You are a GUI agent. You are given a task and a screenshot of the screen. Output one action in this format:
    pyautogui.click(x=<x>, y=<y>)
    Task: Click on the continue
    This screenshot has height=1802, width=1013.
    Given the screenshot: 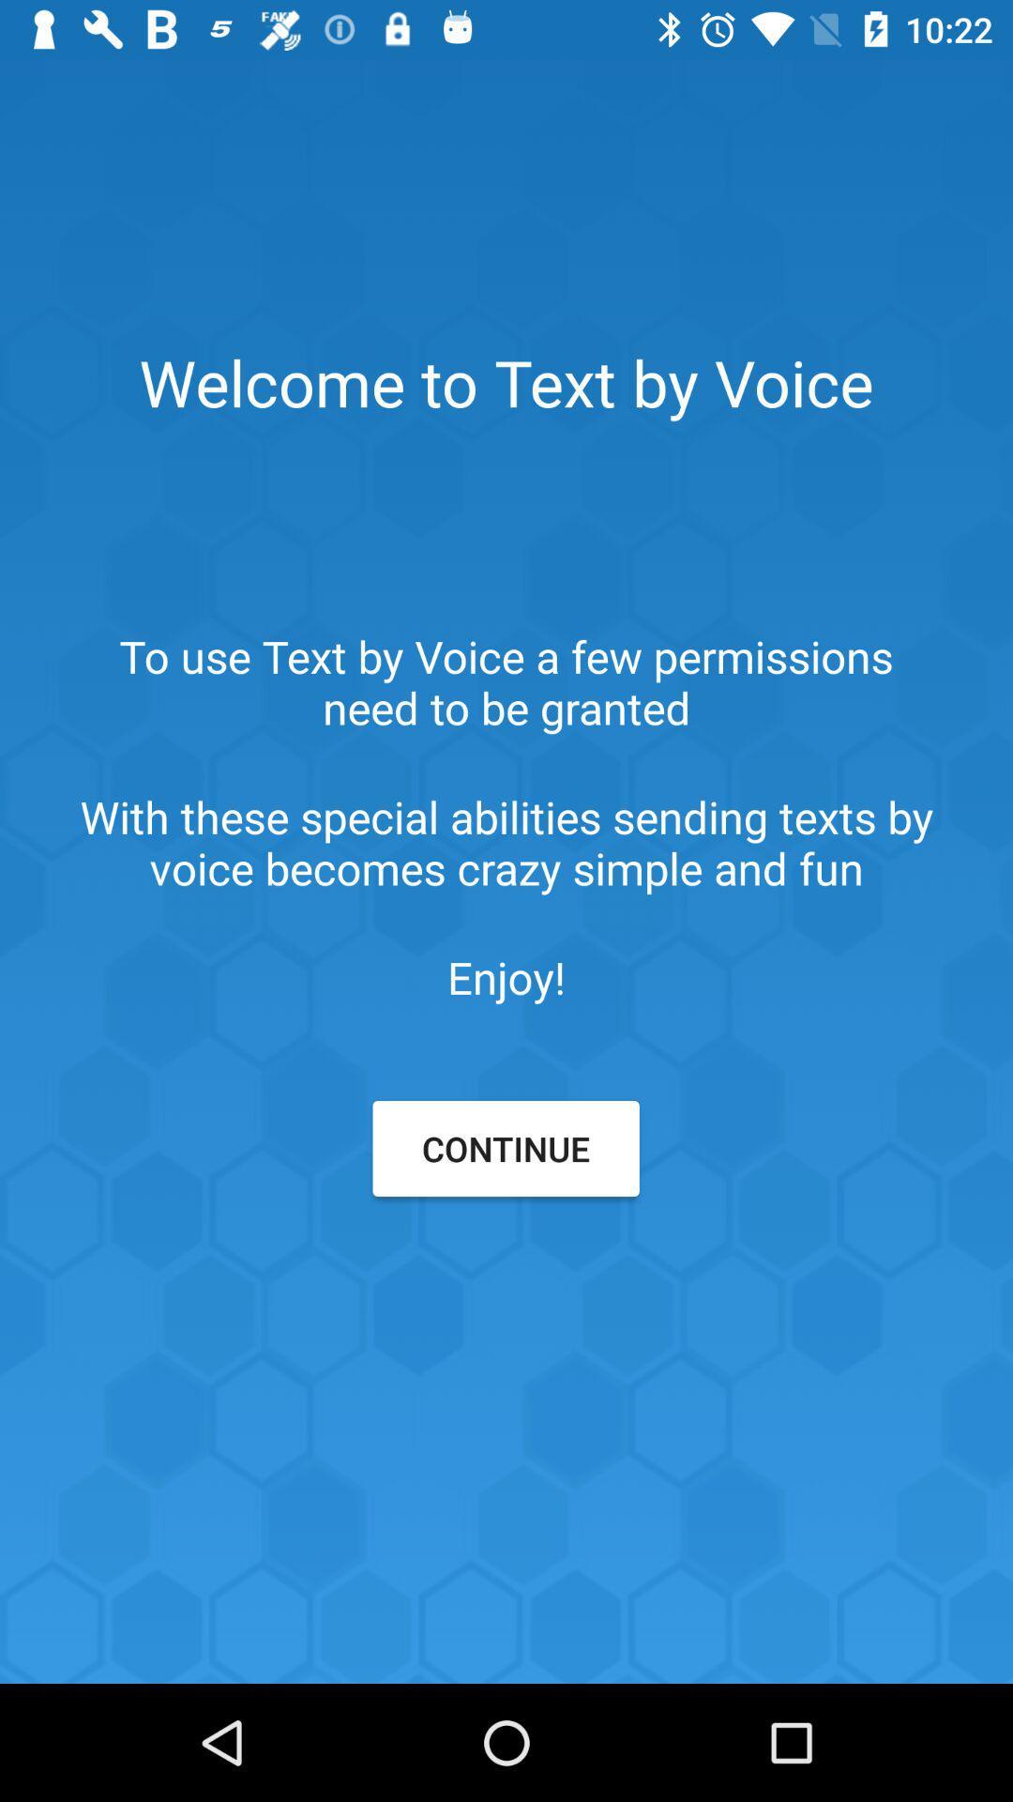 What is the action you would take?
    pyautogui.click(x=505, y=1148)
    